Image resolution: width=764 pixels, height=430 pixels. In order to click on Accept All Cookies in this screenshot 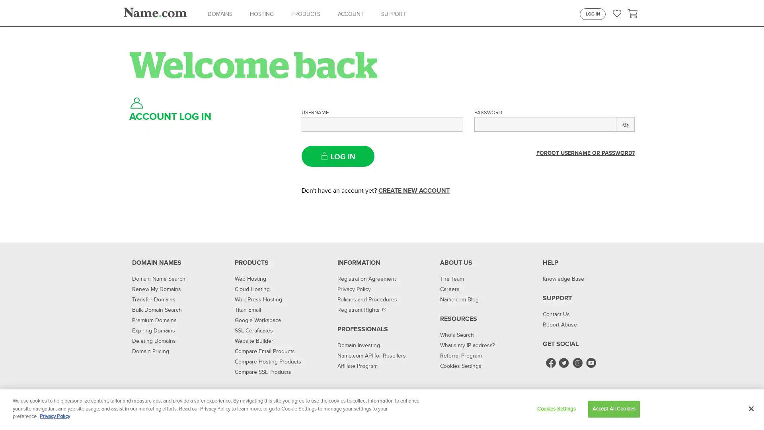, I will do `click(613, 408)`.